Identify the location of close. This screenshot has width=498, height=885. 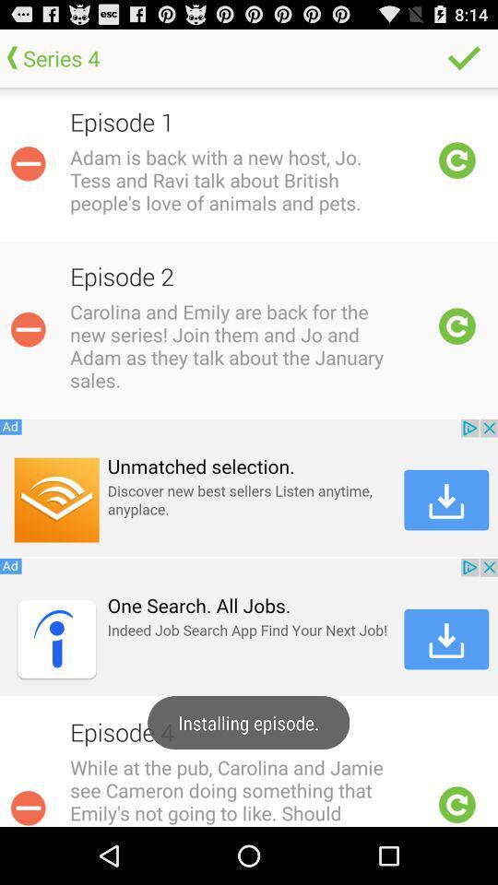
(27, 805).